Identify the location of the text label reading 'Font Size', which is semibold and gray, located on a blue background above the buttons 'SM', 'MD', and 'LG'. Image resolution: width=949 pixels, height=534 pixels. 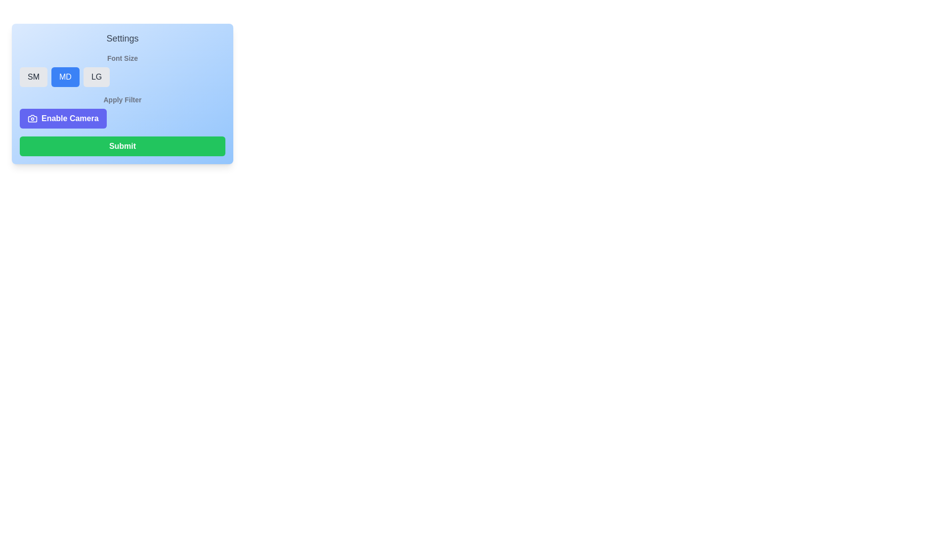
(122, 58).